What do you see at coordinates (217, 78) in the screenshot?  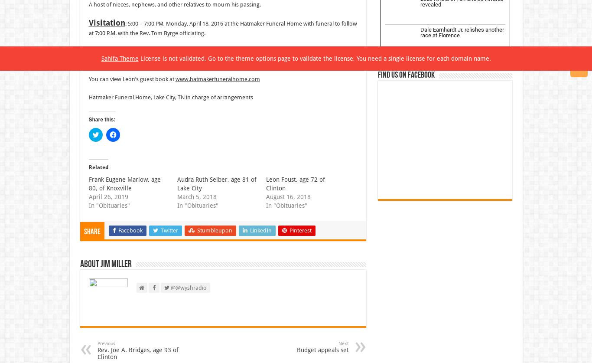 I see `'www.hatmakerfuneralhome.com'` at bounding box center [217, 78].